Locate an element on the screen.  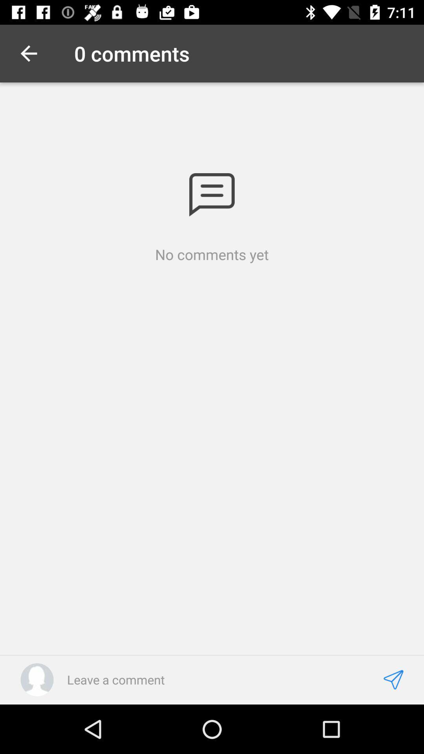
item next to 0 comments icon is located at coordinates (28, 53).